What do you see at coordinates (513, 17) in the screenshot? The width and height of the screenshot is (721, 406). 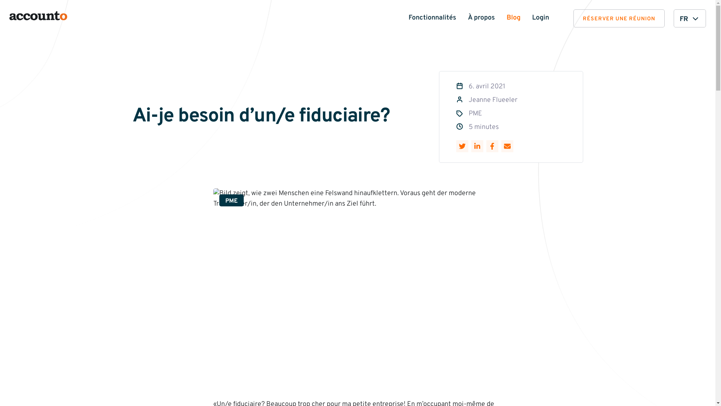 I see `'Blog'` at bounding box center [513, 17].